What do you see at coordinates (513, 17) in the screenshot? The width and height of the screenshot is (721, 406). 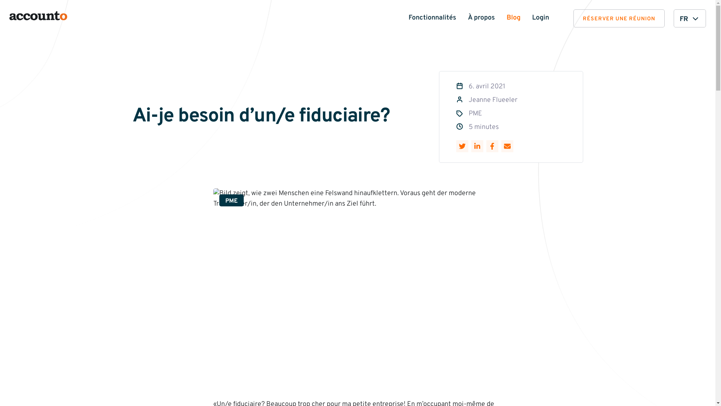 I see `'Blog'` at bounding box center [513, 17].